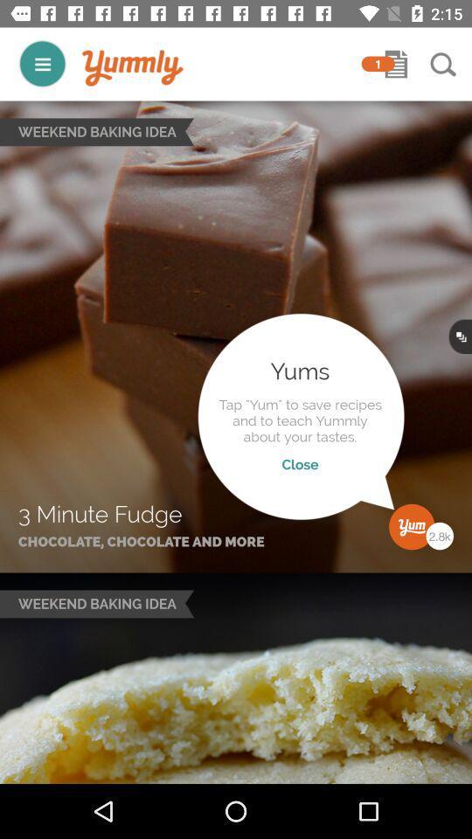 The height and width of the screenshot is (839, 472). What do you see at coordinates (42, 64) in the screenshot?
I see `show the menu` at bounding box center [42, 64].